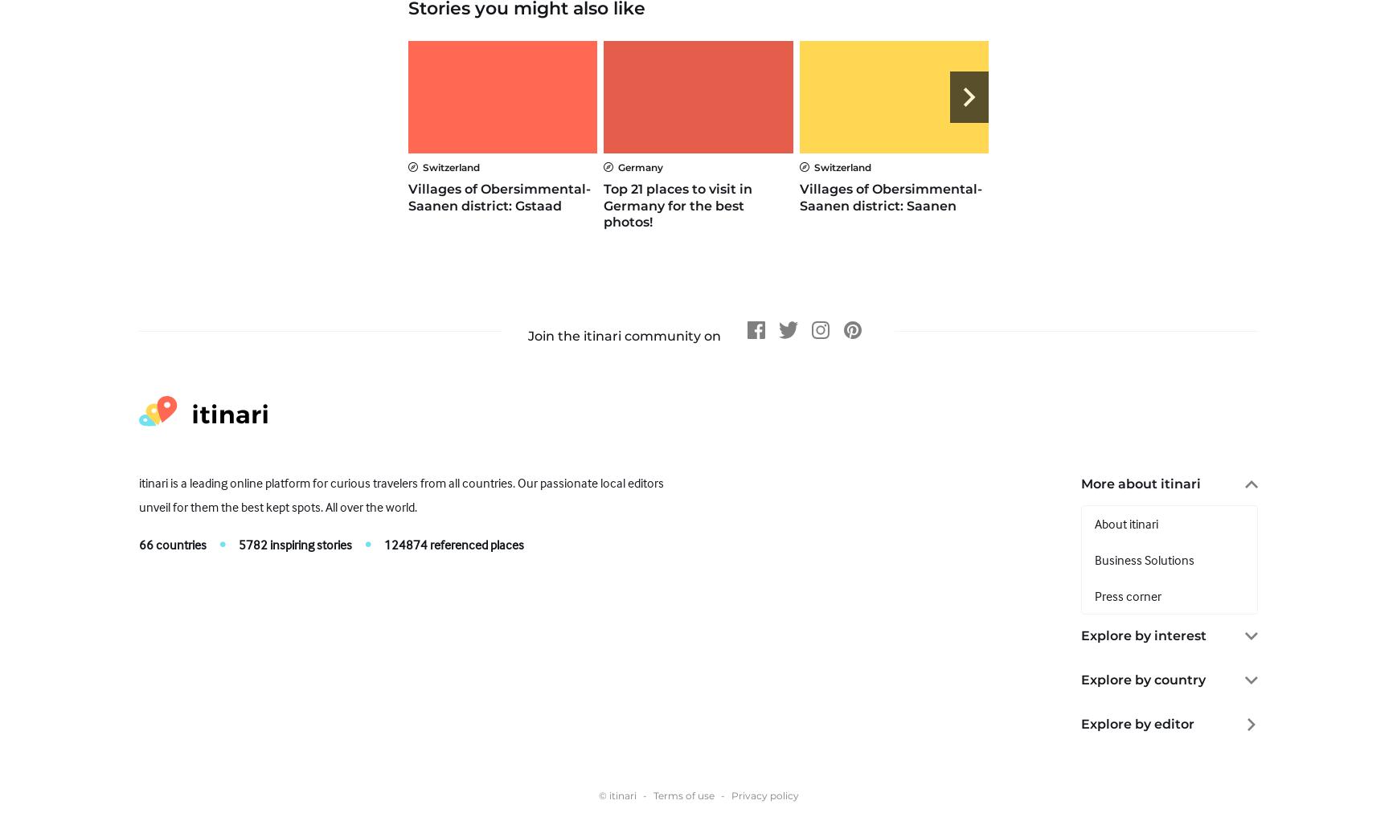  Describe the element at coordinates (1108, 711) in the screenshot. I see `'Cities'` at that location.